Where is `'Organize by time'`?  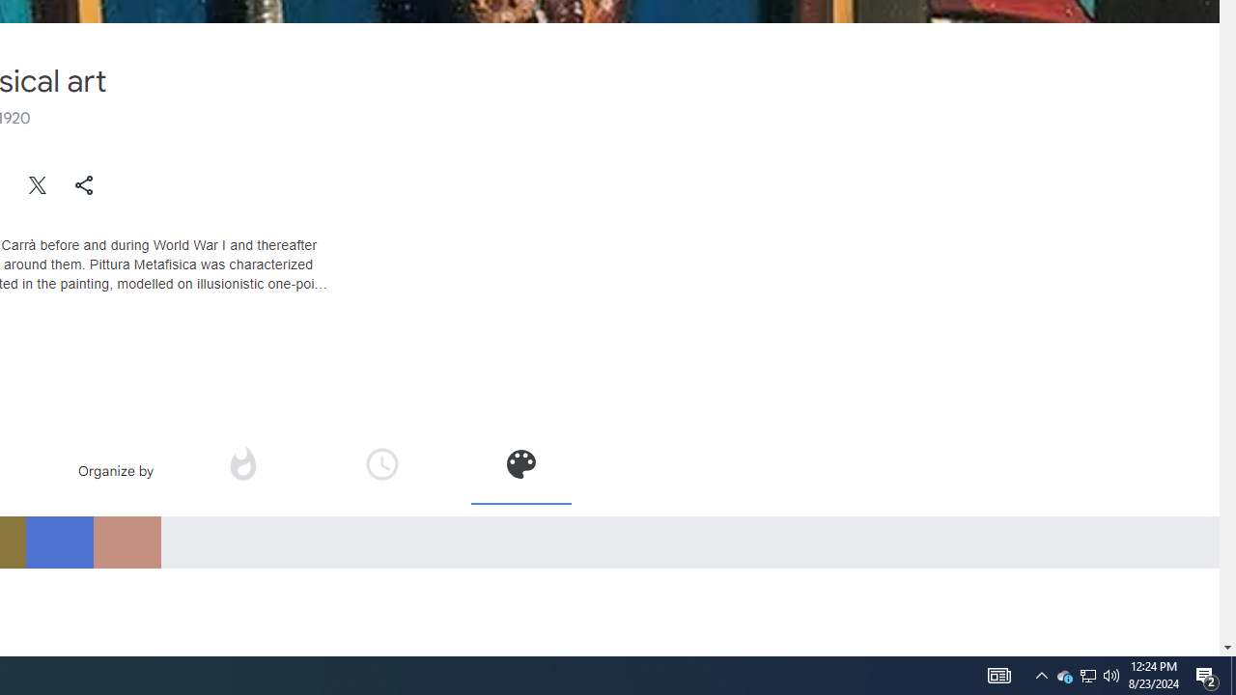 'Organize by time' is located at coordinates (381, 470).